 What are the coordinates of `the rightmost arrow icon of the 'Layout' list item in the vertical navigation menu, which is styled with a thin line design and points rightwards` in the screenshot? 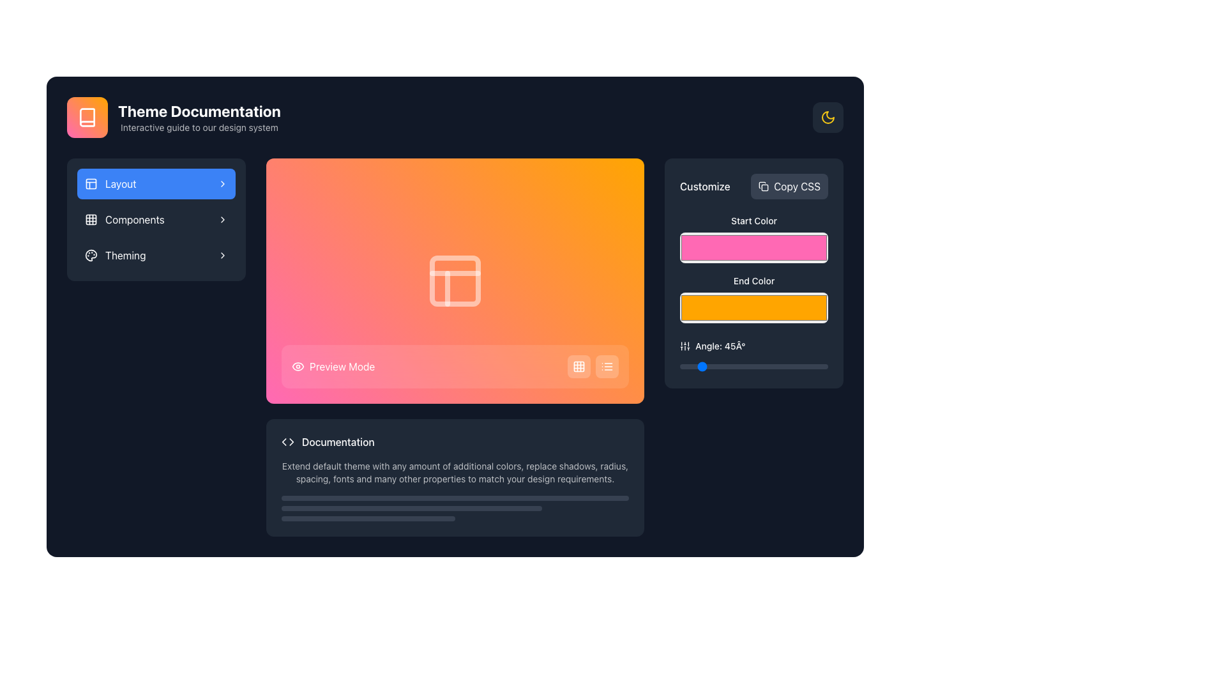 It's located at (223, 184).